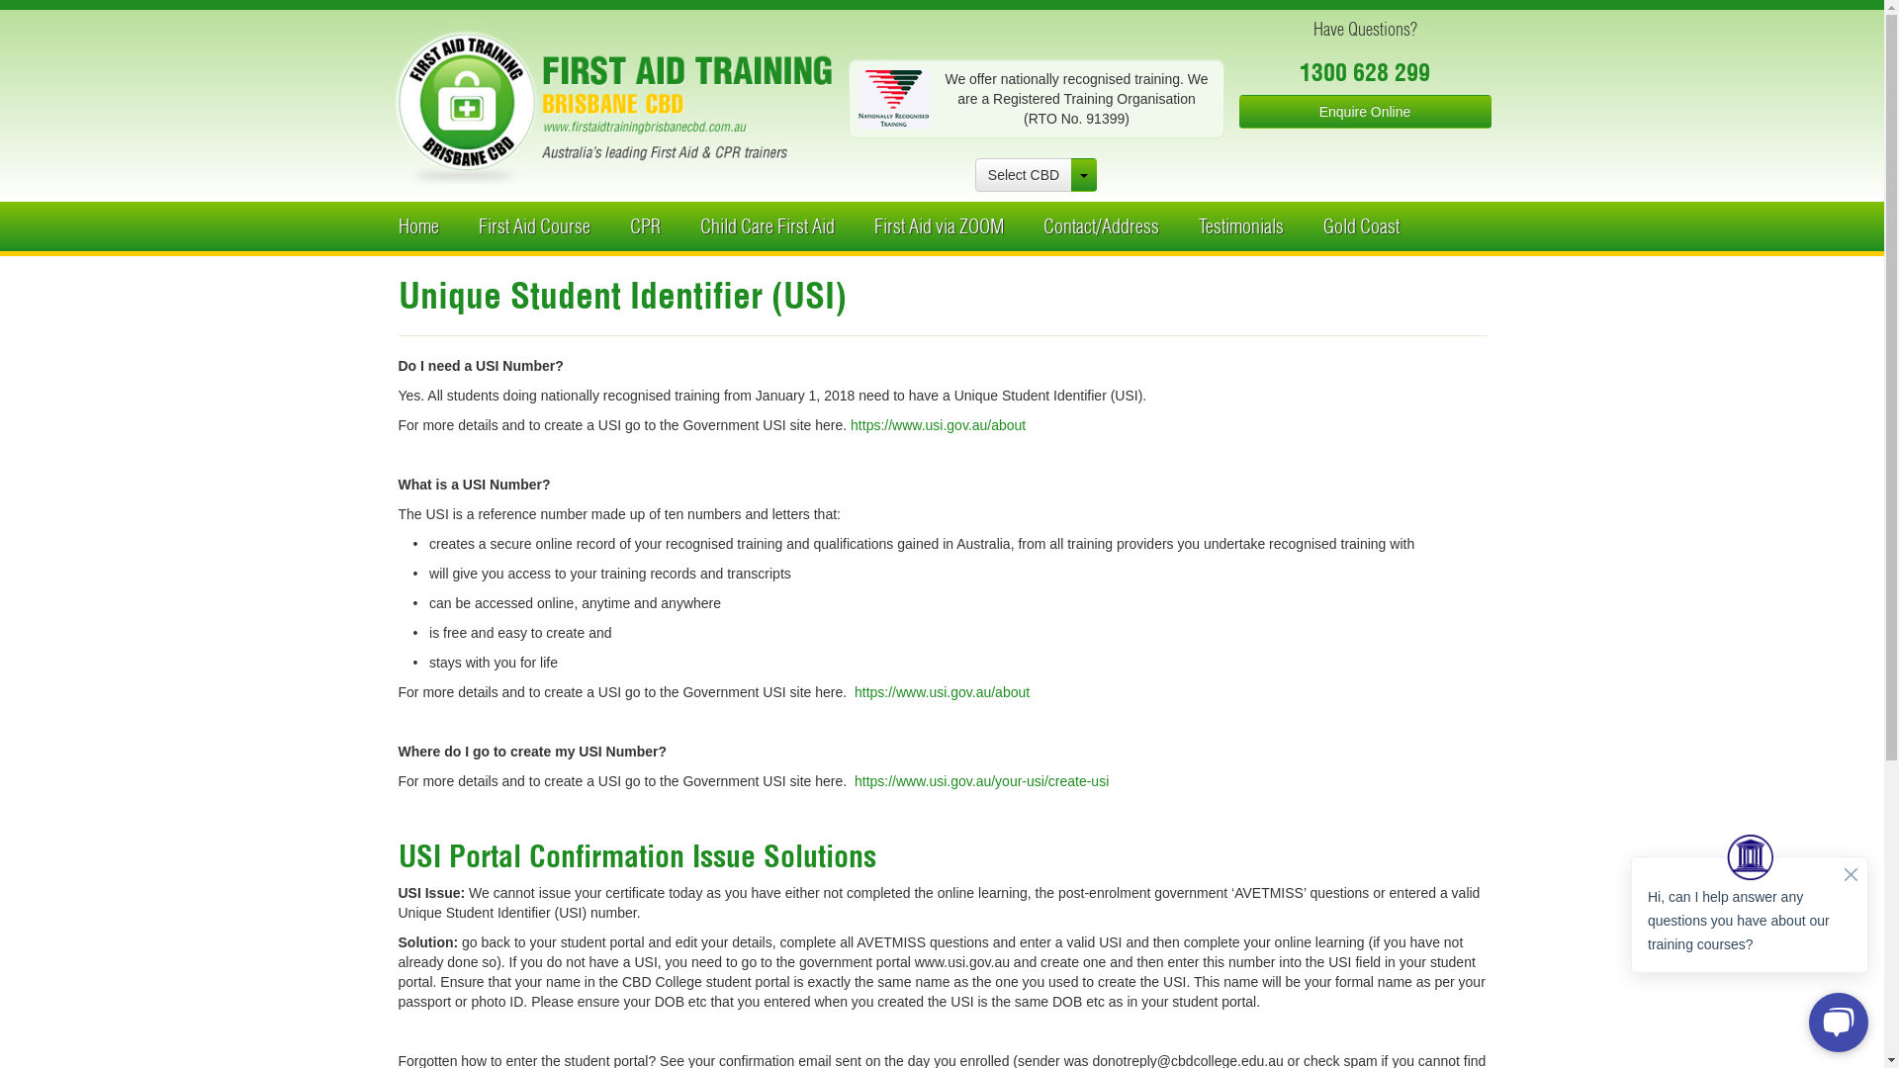 The width and height of the screenshot is (1899, 1068). I want to click on 'https://www.usi.gov.au/your-usi/create-usi', so click(855, 780).